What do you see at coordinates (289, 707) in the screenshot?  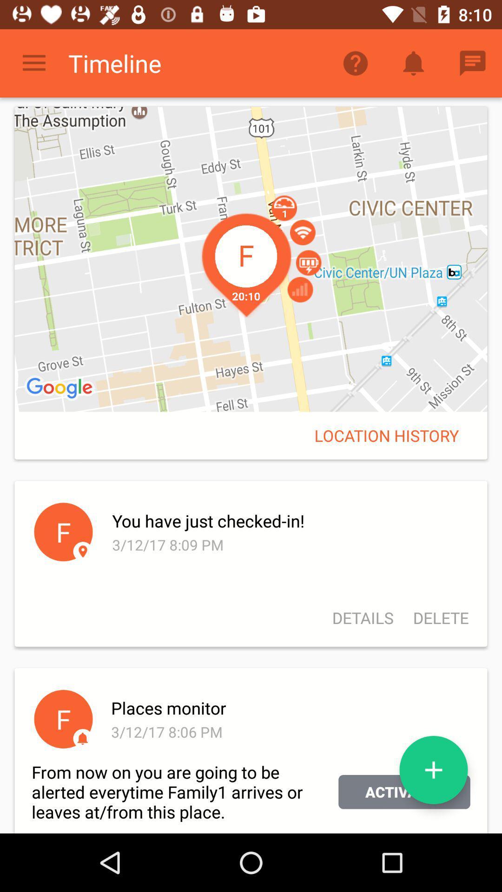 I see `the icon next to the f` at bounding box center [289, 707].